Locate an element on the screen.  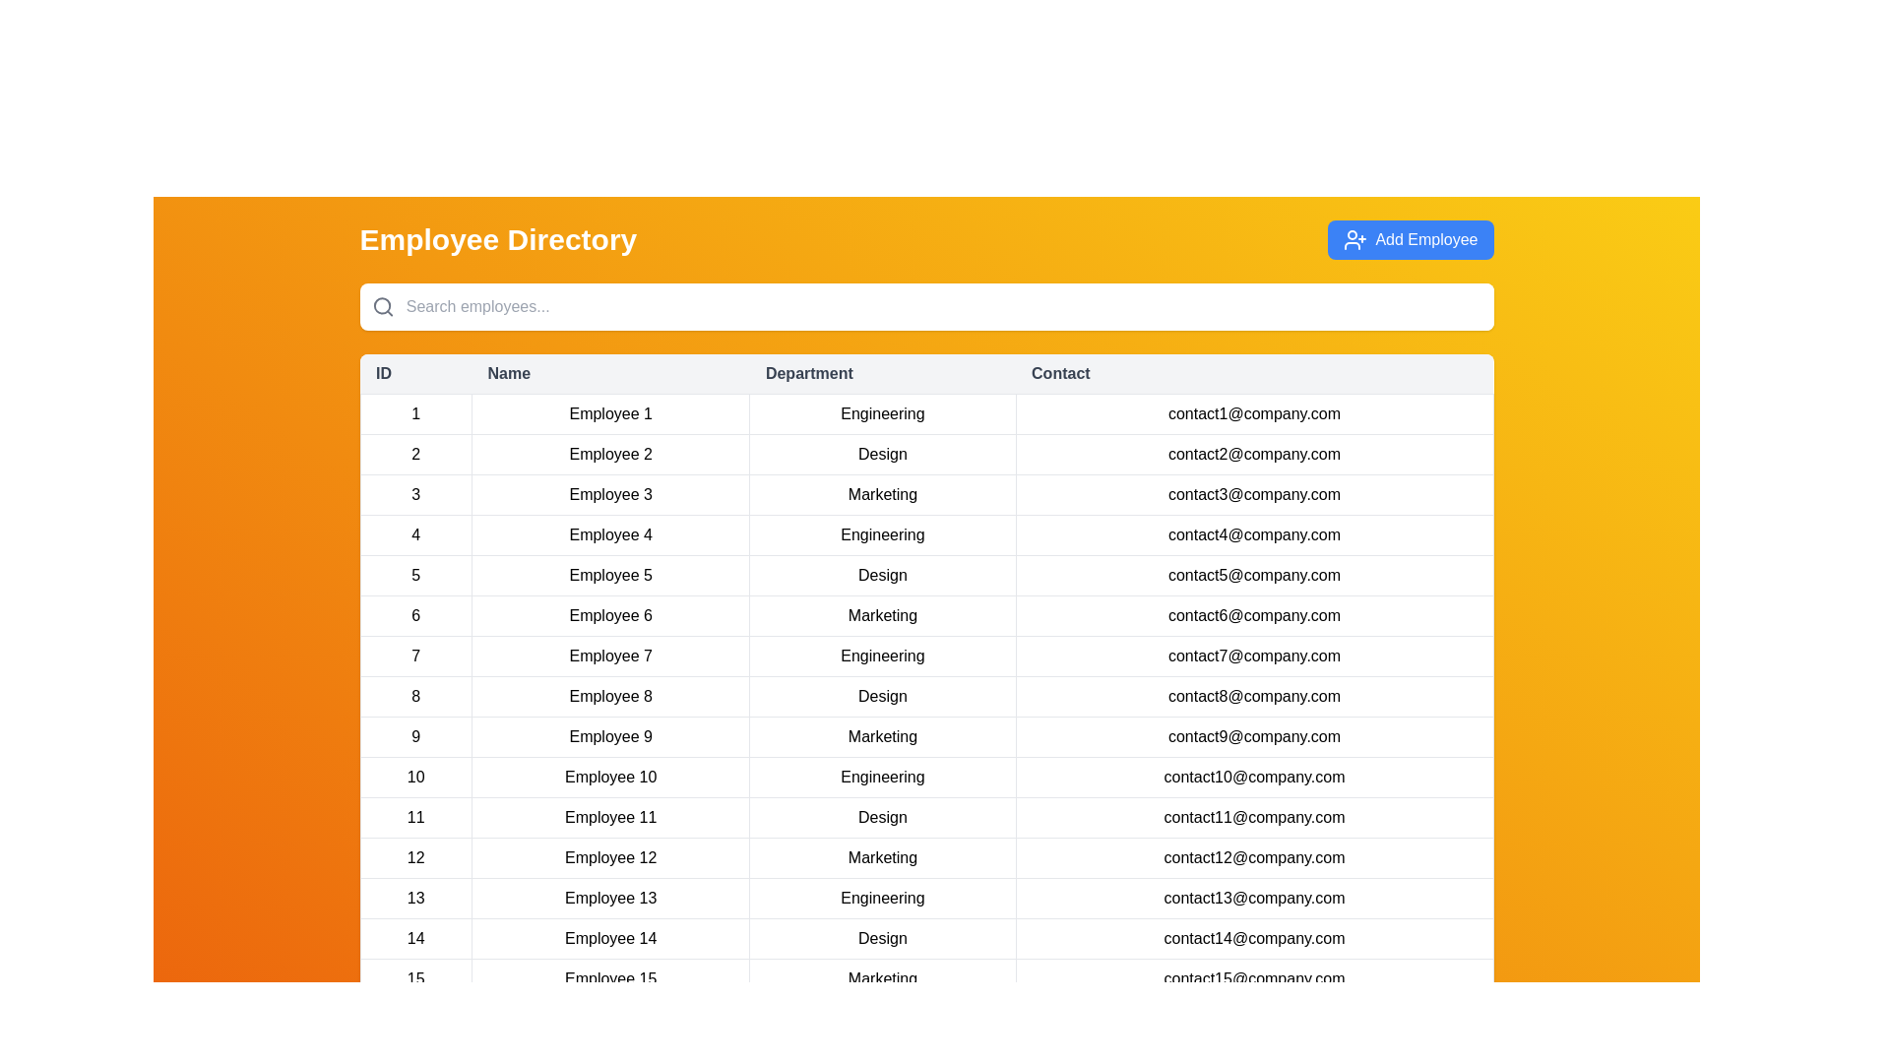
the 'Add Employee' button is located at coordinates (1410, 238).